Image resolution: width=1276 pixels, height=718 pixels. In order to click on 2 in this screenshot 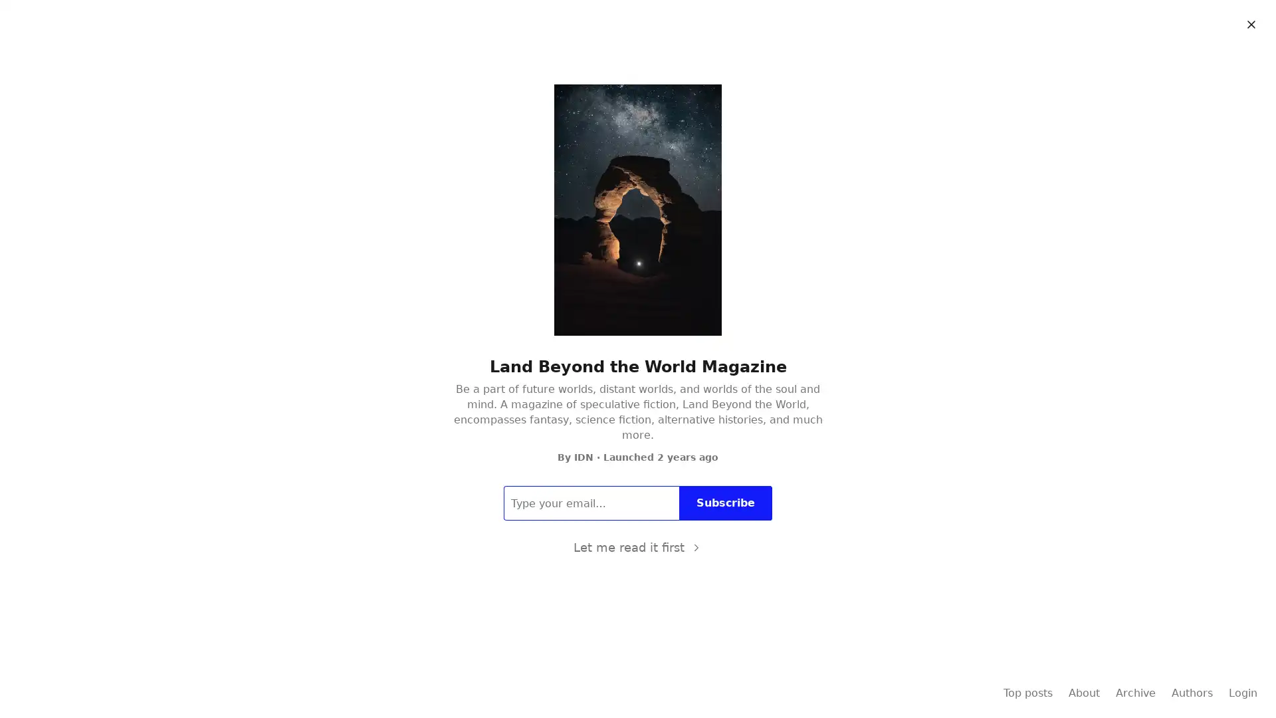, I will do `click(445, 437)`.